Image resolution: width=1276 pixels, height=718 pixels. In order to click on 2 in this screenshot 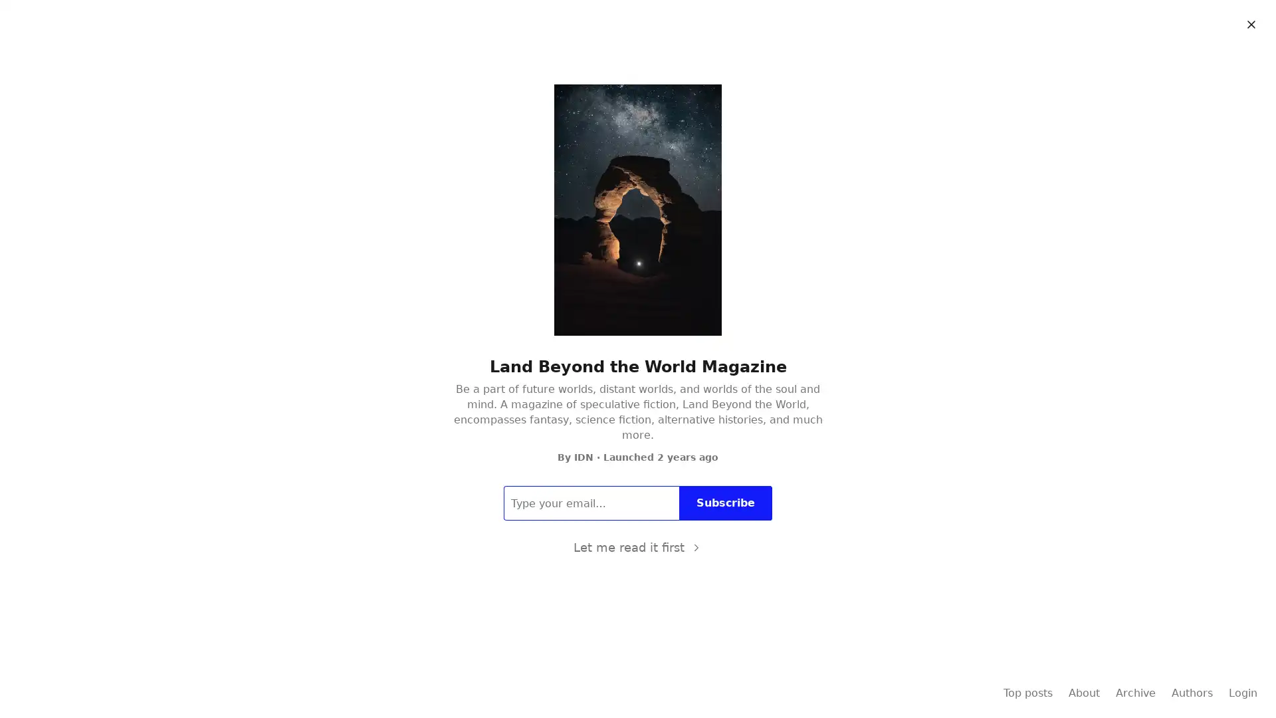, I will do `click(445, 437)`.